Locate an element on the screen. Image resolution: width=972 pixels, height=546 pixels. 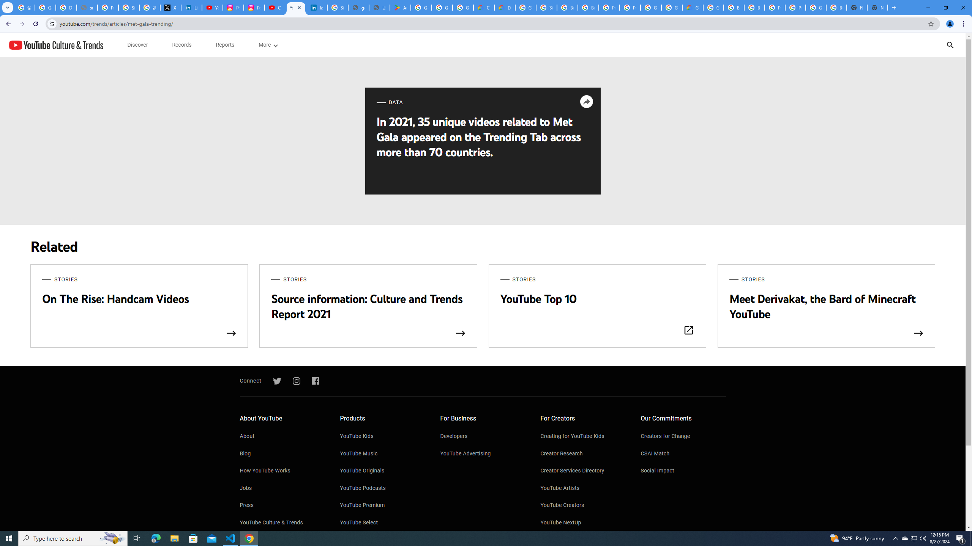
'YouTube Content Monetization Policies - How YouTube Works' is located at coordinates (212, 7).